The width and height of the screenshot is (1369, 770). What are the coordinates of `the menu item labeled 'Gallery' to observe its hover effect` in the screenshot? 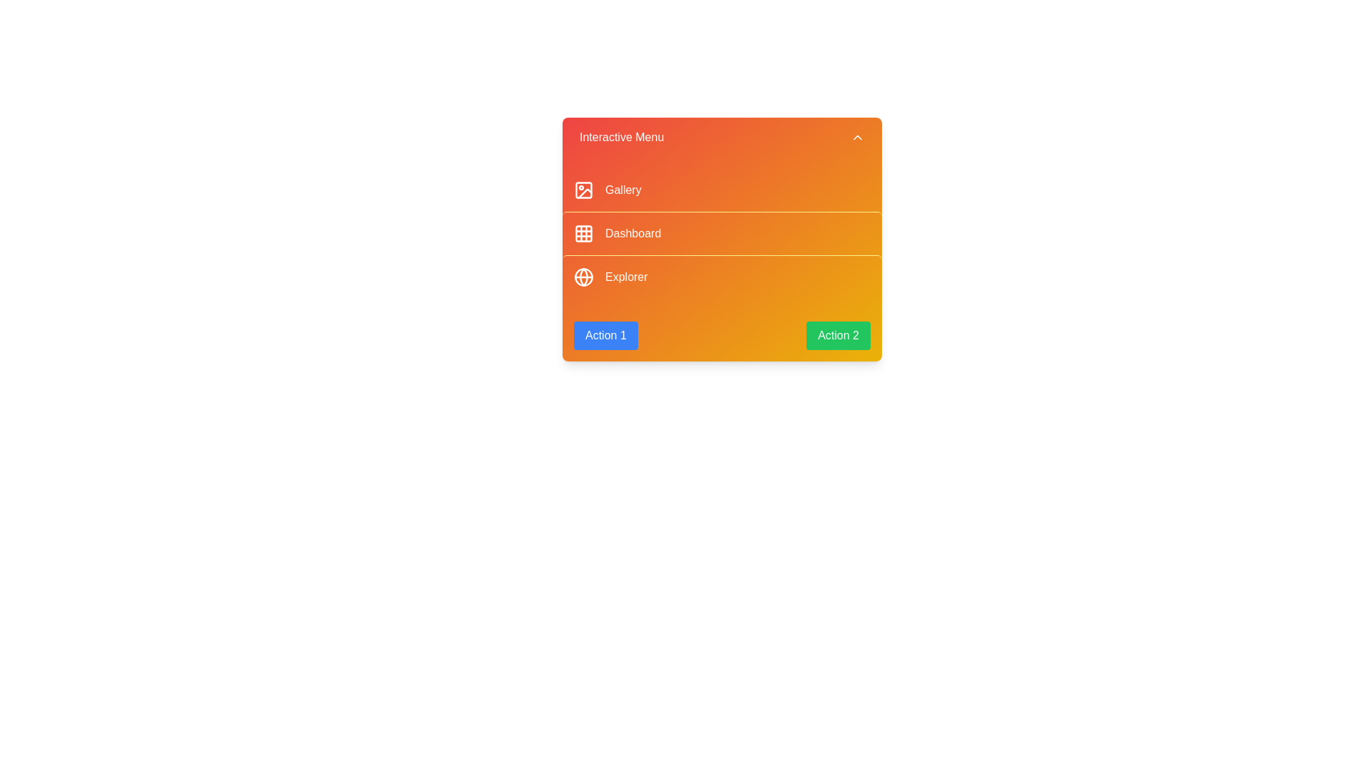 It's located at (722, 189).